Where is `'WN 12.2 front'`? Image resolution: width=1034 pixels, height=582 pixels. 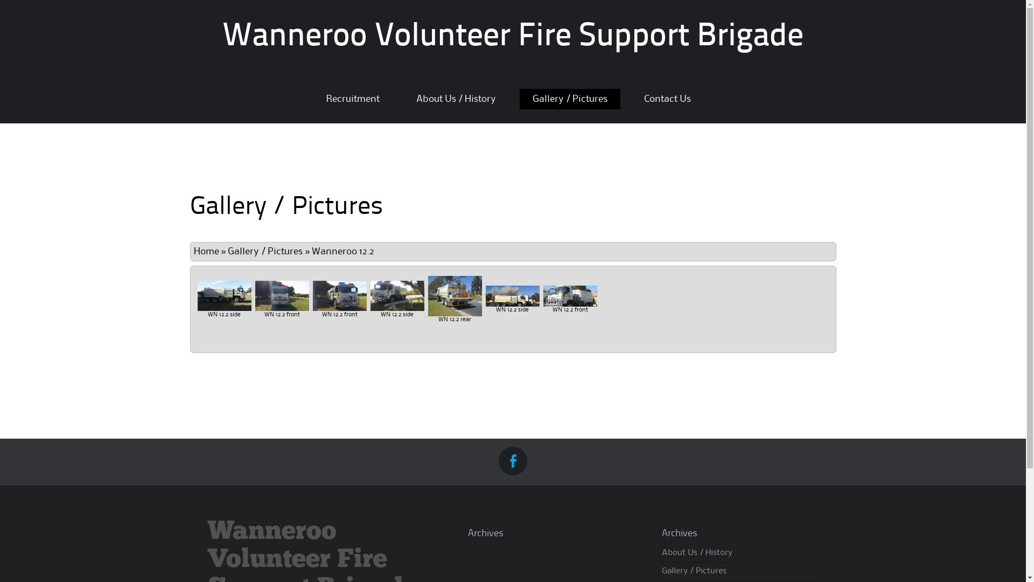 'WN 12.2 front' is located at coordinates (282, 295).